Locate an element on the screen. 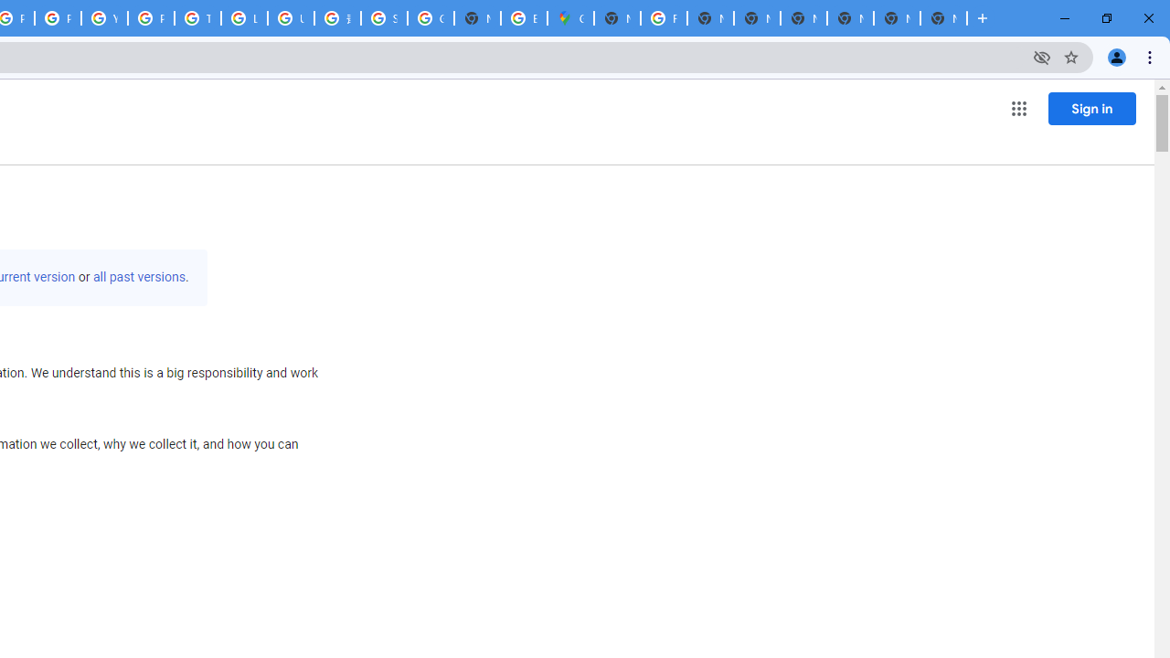 The image size is (1170, 658). 'Sign in - Google Accounts' is located at coordinates (383, 18).